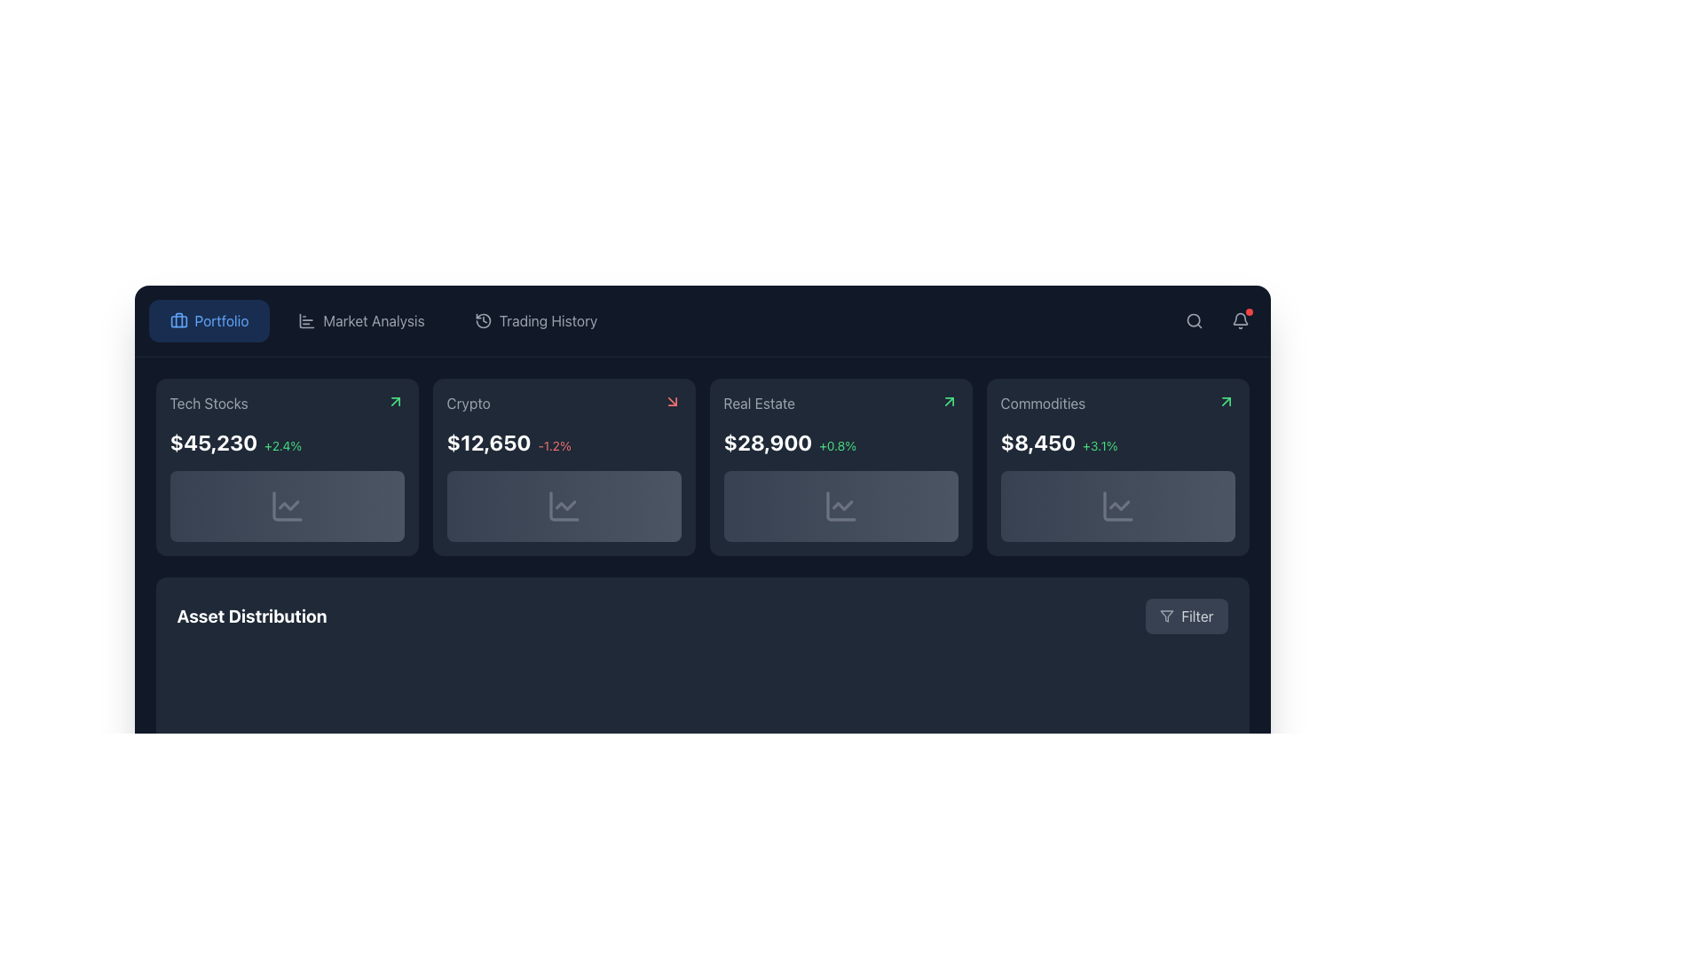 This screenshot has width=1704, height=958. Describe the element at coordinates (1099, 444) in the screenshot. I see `value displayed in the text label showing '+3.1%' in green color, located within the 'Commodities' card, positioned to the right of the '$8,450' text` at that location.